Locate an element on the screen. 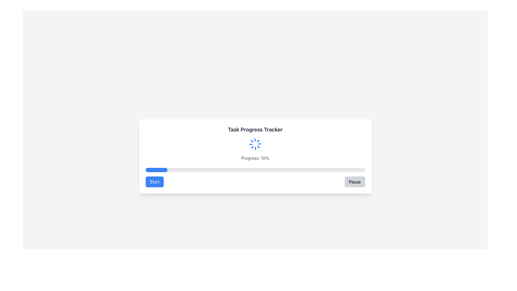 This screenshot has height=291, width=517. the 'Pause' button located on the far right of the horizontal control arrangement below the progress bar is located at coordinates (355, 182).